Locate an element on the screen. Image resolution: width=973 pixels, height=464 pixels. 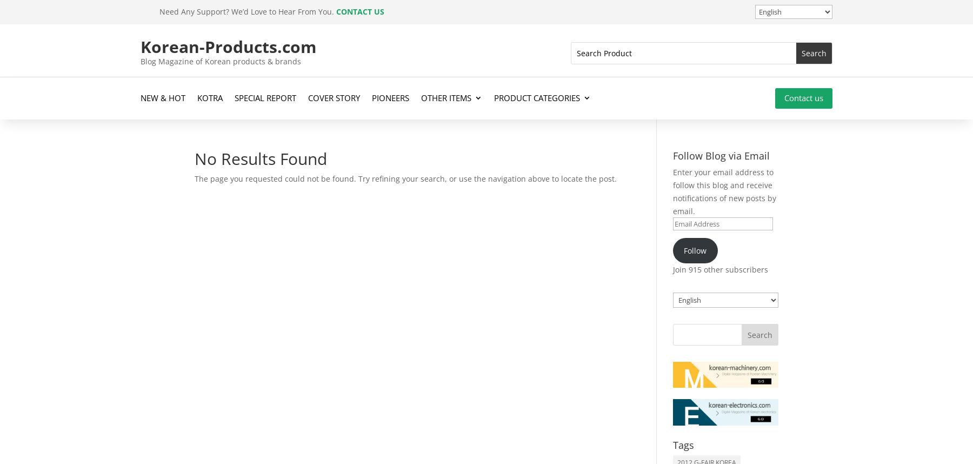
'Textile and Garment' is located at coordinates (548, 322).